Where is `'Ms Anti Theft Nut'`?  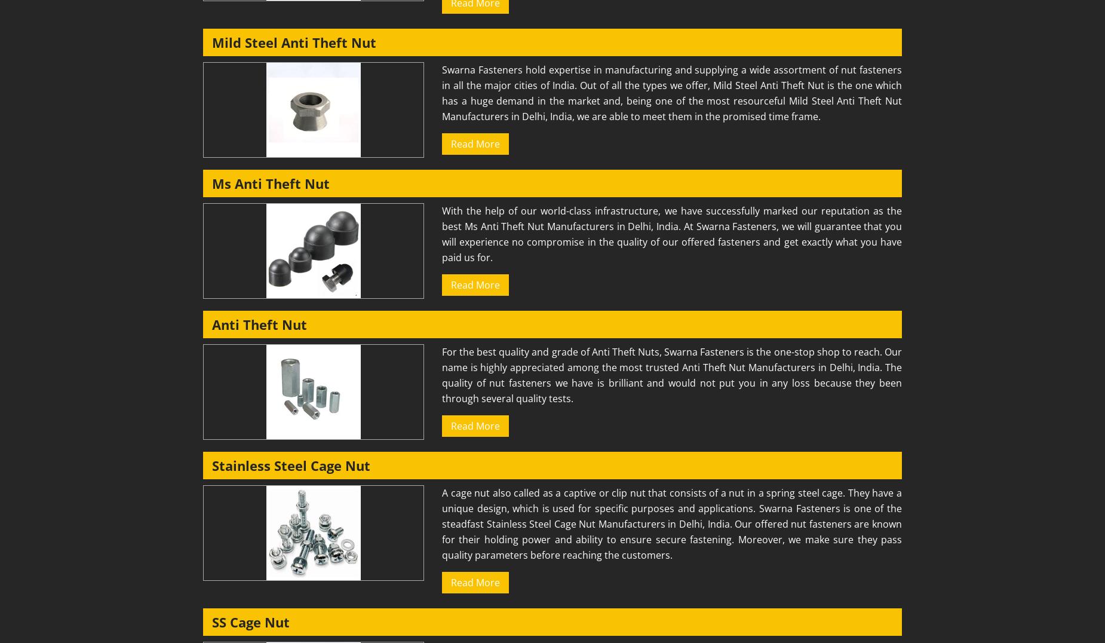 'Ms Anti Theft Nut' is located at coordinates (270, 182).